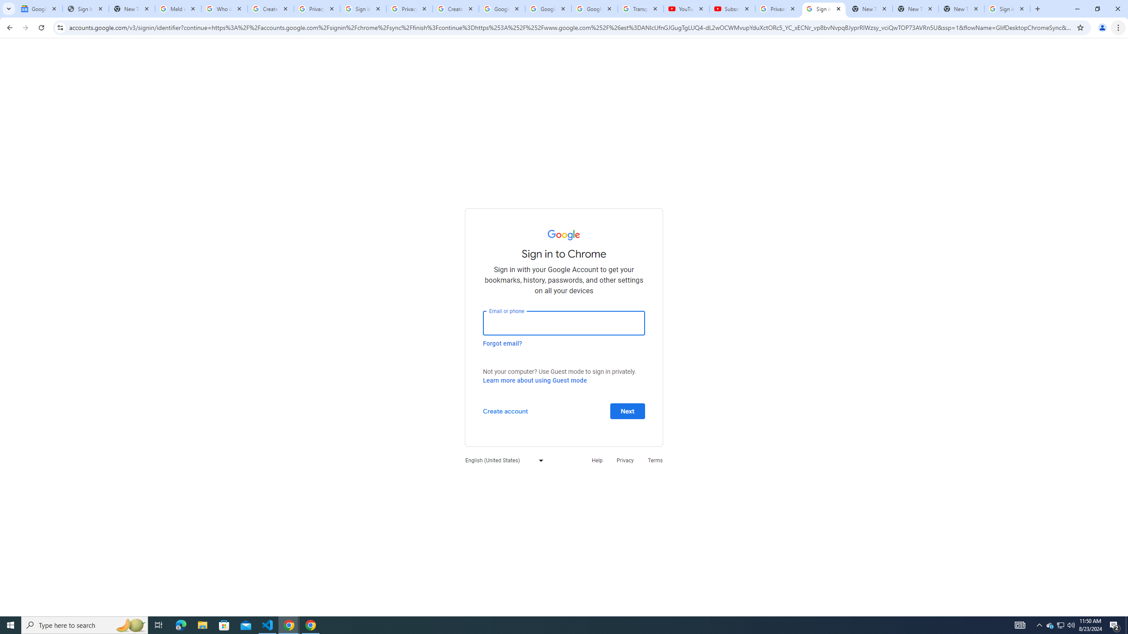 Image resolution: width=1128 pixels, height=634 pixels. What do you see at coordinates (85, 8) in the screenshot?
I see `'Sign In - USA TODAY'` at bounding box center [85, 8].